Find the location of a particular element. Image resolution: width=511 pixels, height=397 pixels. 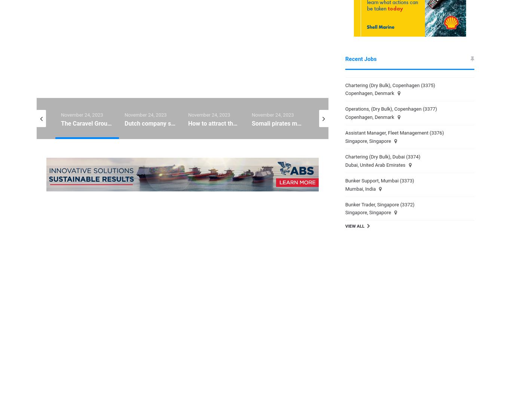

'April 12, 2023' is located at coordinates (396, 391).